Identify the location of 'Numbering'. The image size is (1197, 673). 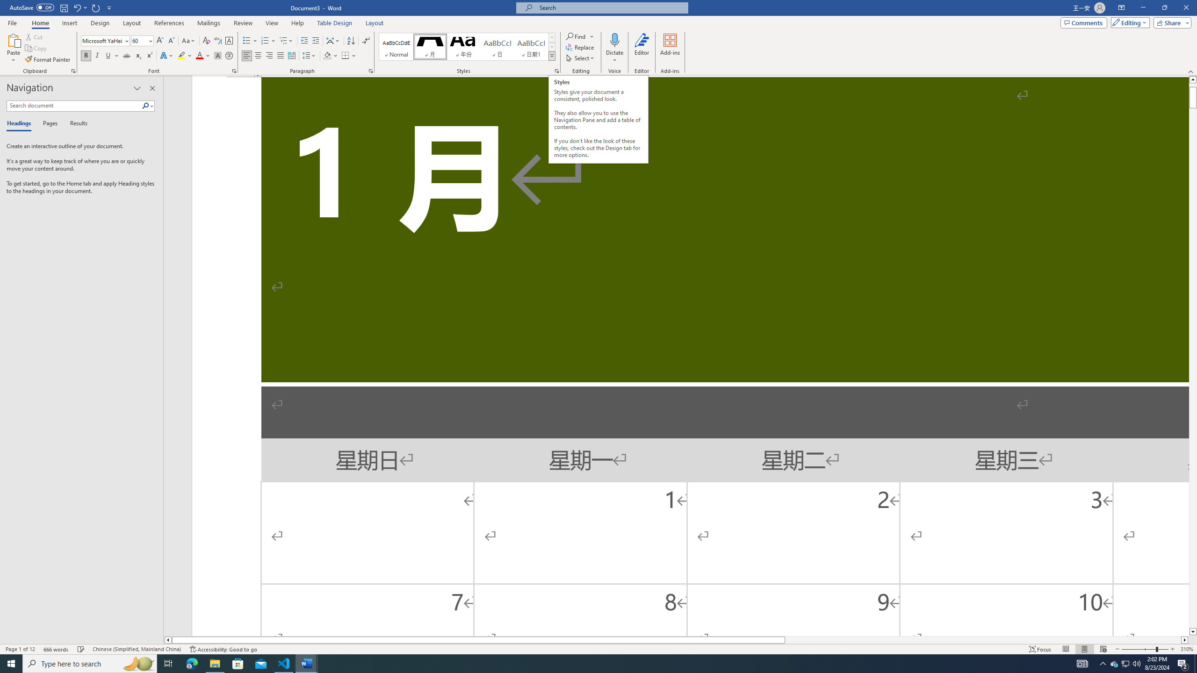
(268, 41).